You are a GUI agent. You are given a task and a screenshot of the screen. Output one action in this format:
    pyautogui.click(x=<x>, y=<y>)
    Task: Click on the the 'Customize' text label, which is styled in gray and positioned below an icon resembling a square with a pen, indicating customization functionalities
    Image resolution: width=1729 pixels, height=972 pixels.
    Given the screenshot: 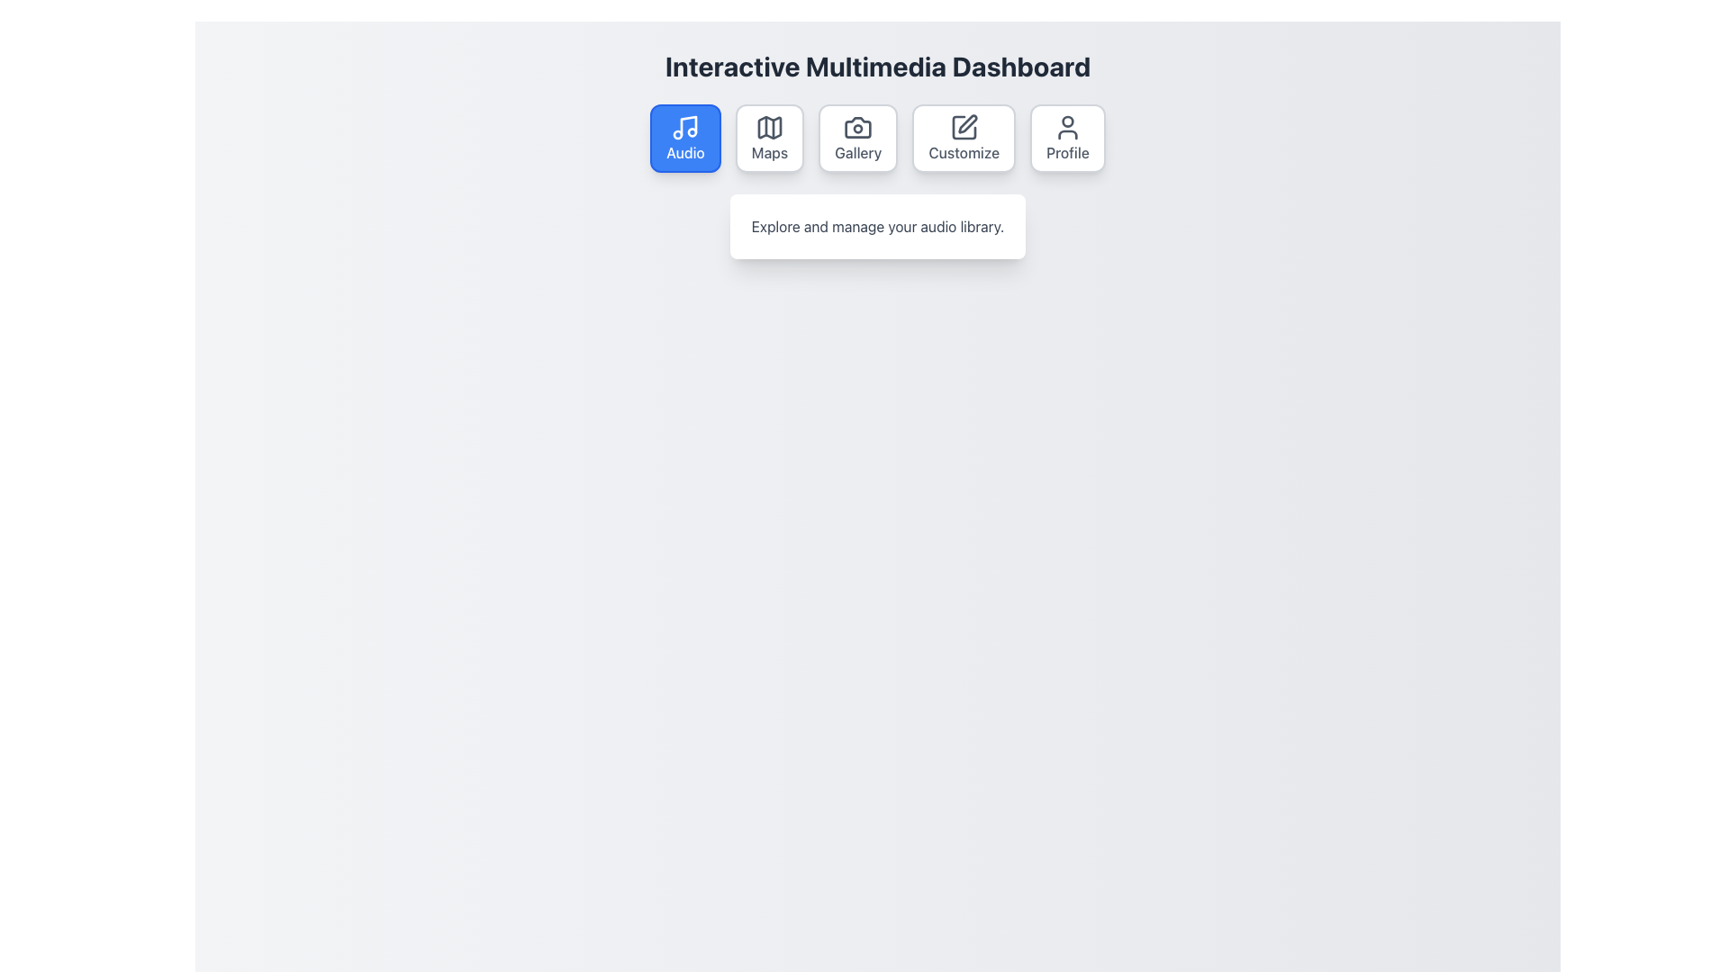 What is the action you would take?
    pyautogui.click(x=963, y=151)
    